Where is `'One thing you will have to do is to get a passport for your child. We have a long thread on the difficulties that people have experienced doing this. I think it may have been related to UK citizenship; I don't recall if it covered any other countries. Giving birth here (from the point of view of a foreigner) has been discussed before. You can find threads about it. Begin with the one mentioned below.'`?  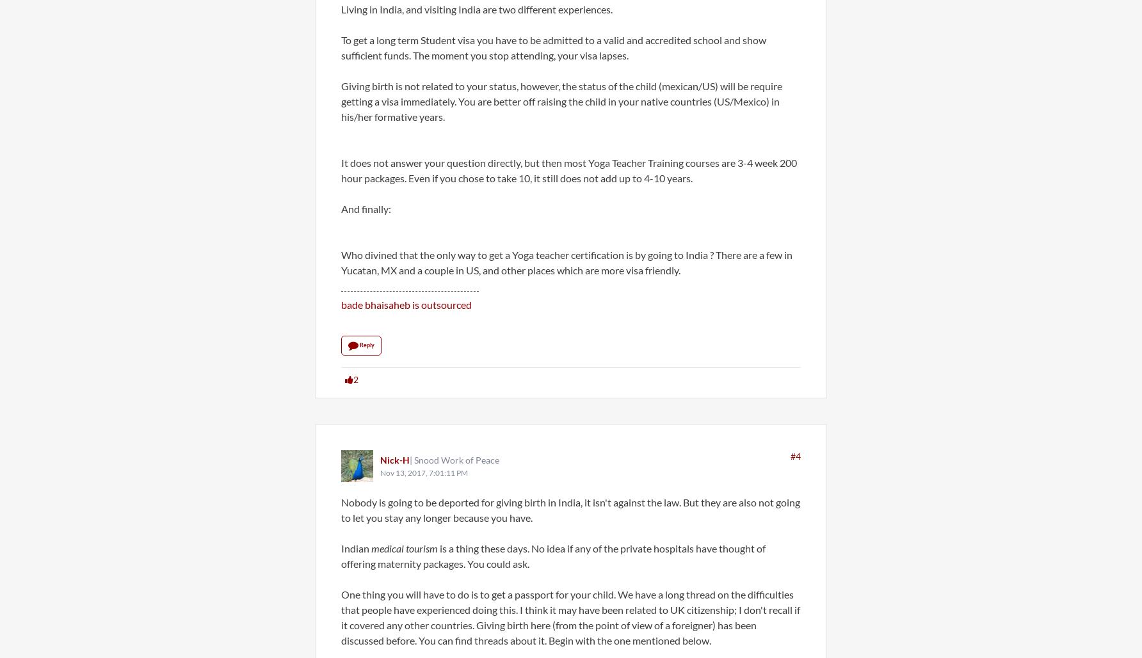
'One thing you will have to do is to get a passport for your child. We have a long thread on the difficulties that people have experienced doing this. I think it may have been related to UK citizenship; I don't recall if it covered any other countries. Giving birth here (from the point of view of a foreigner) has been discussed before. You can find threads about it. Begin with the one mentioned below.' is located at coordinates (570, 616).